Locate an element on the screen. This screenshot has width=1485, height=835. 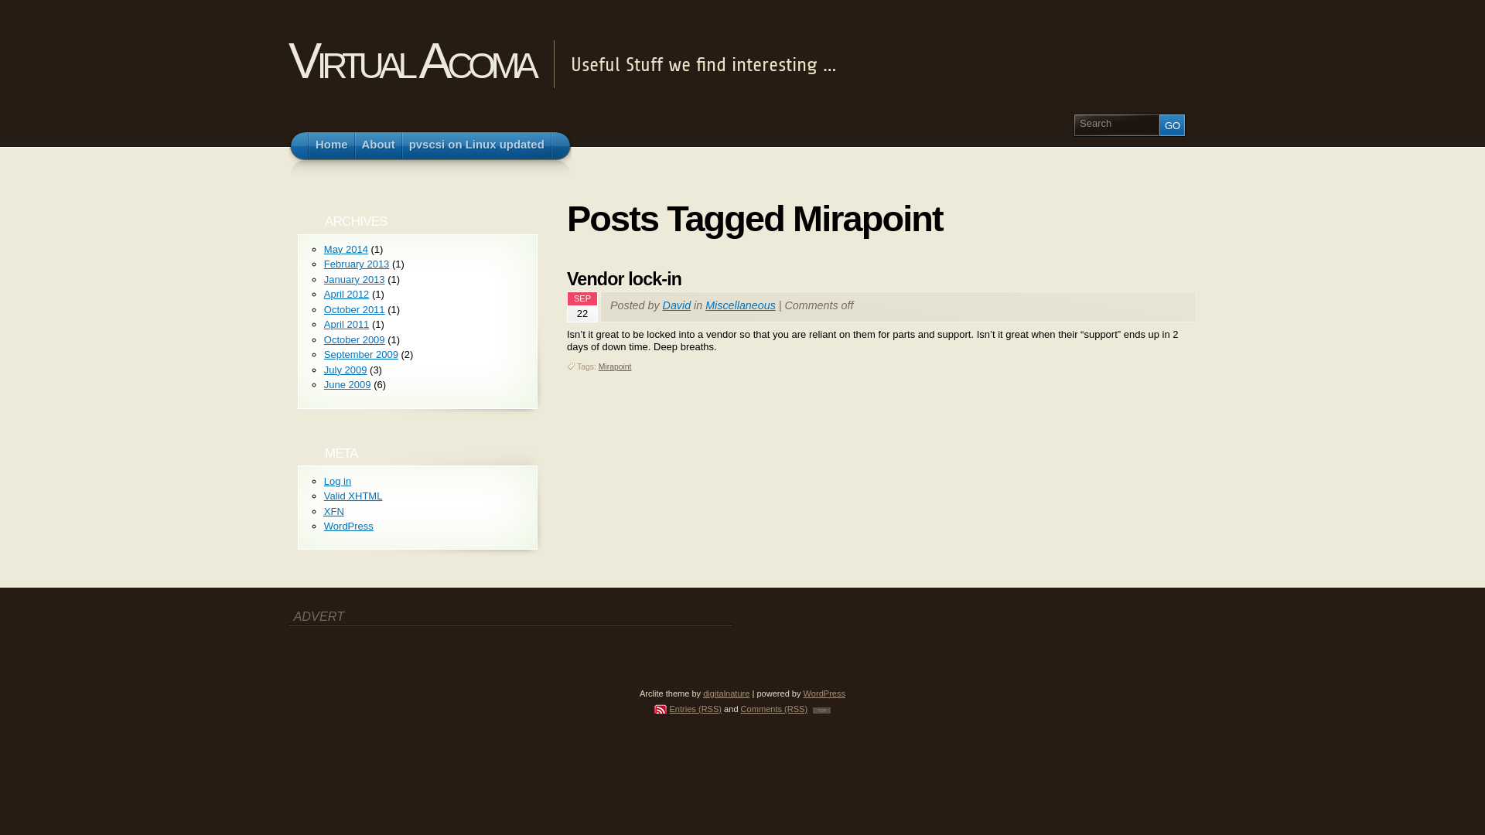
'Vendor lock-in' is located at coordinates (623, 279).